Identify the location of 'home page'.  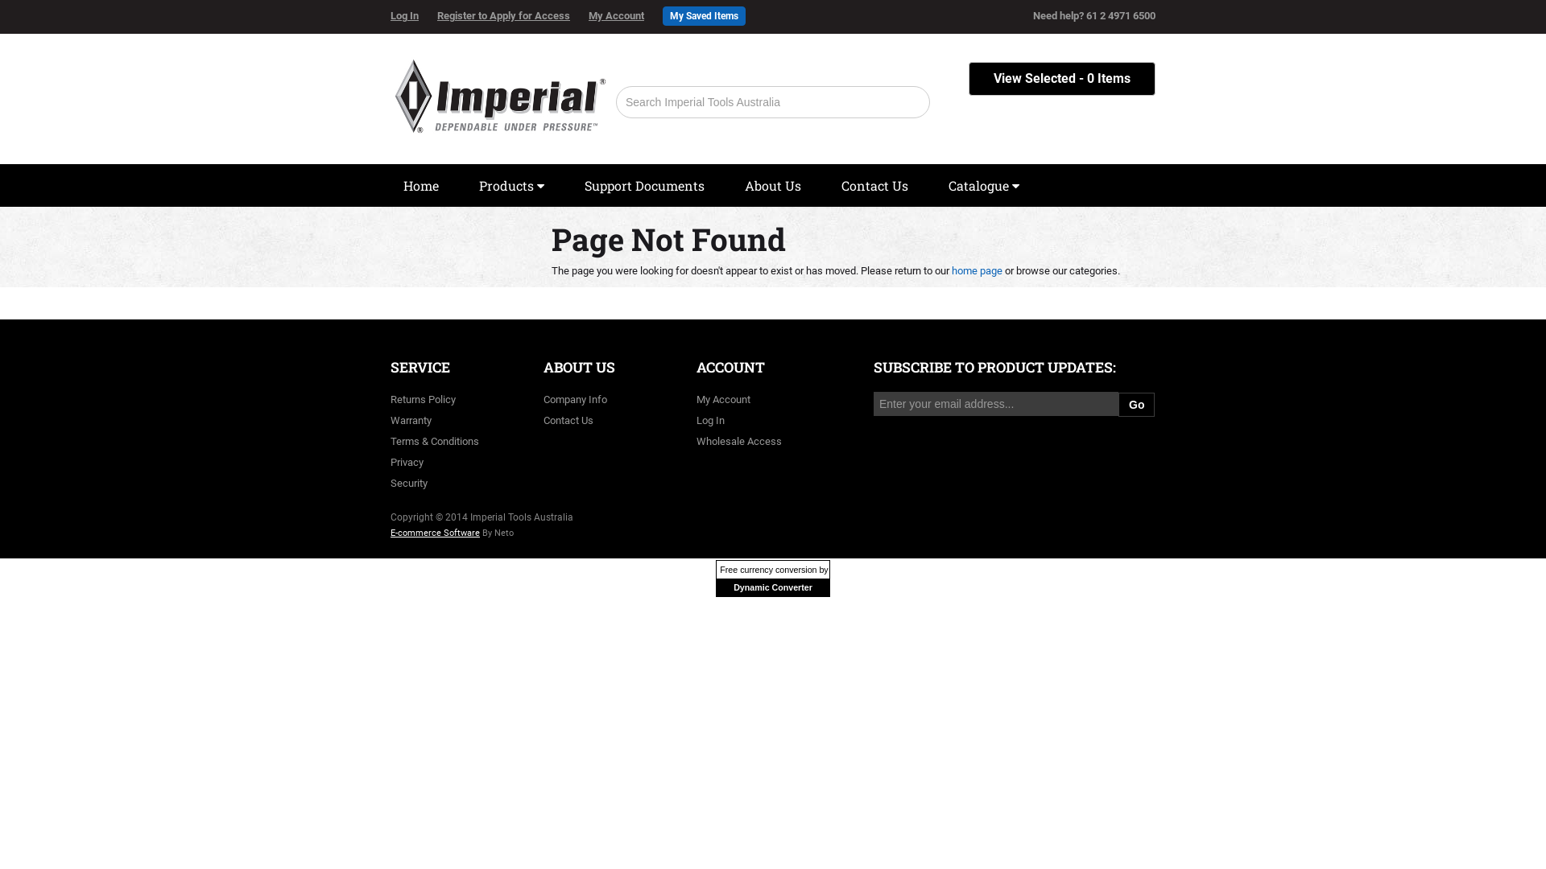
(951, 270).